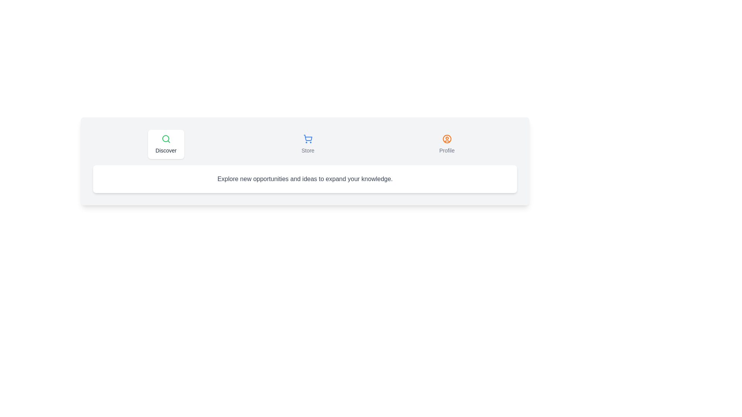 Image resolution: width=742 pixels, height=417 pixels. I want to click on the tab labeled Profile to display its associated content, so click(447, 144).